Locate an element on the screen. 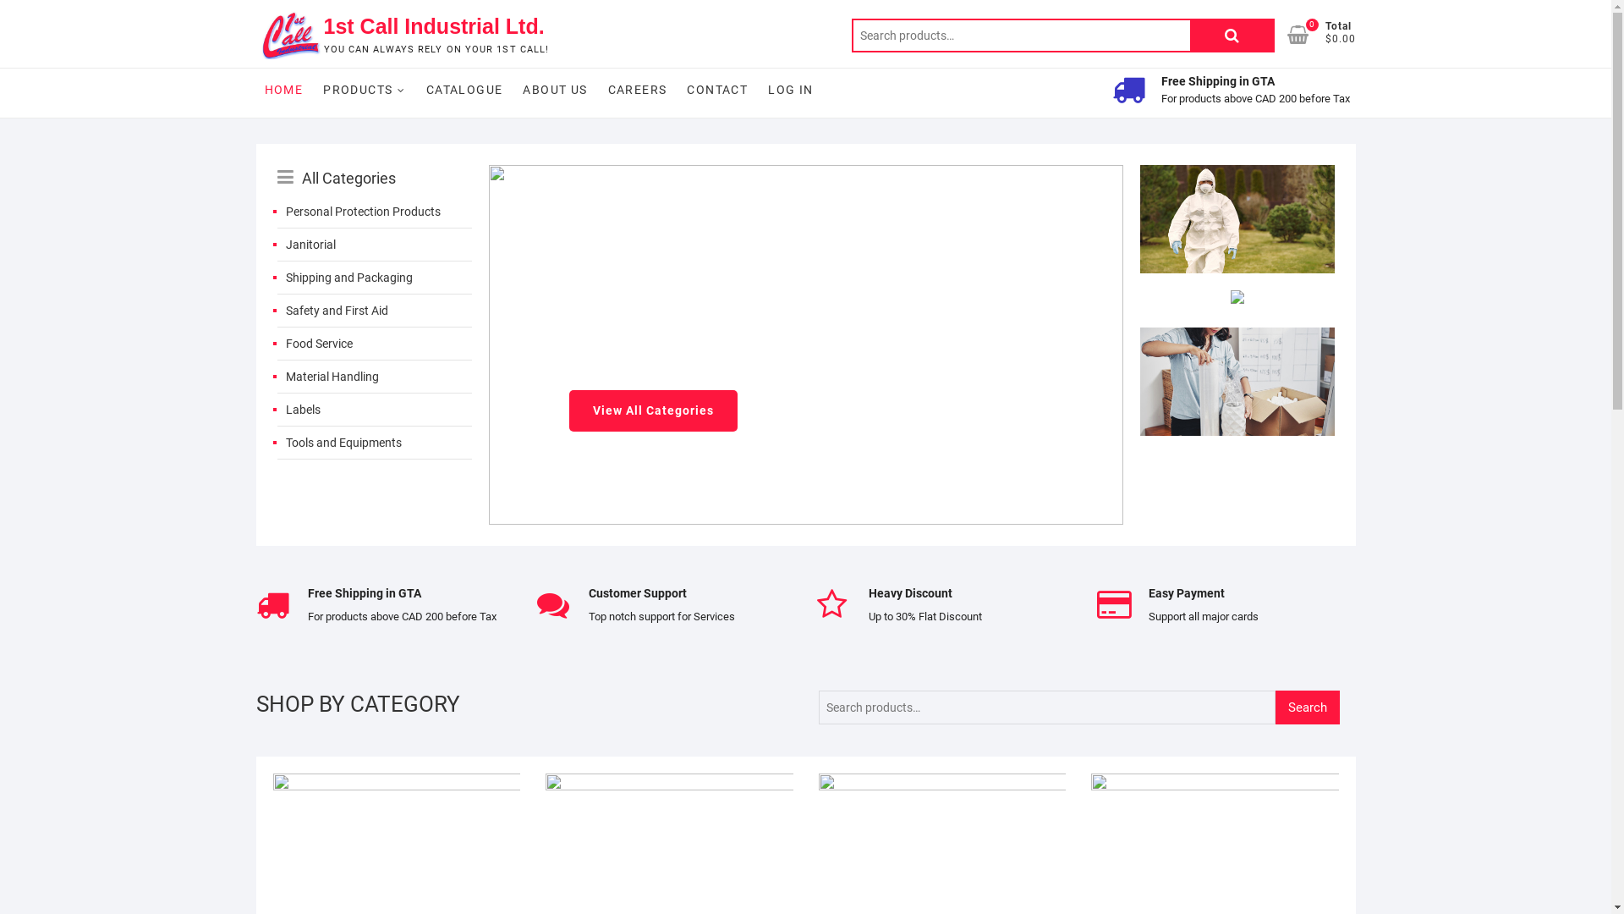 This screenshot has width=1624, height=914. 'ABOUT US' is located at coordinates (555, 89).